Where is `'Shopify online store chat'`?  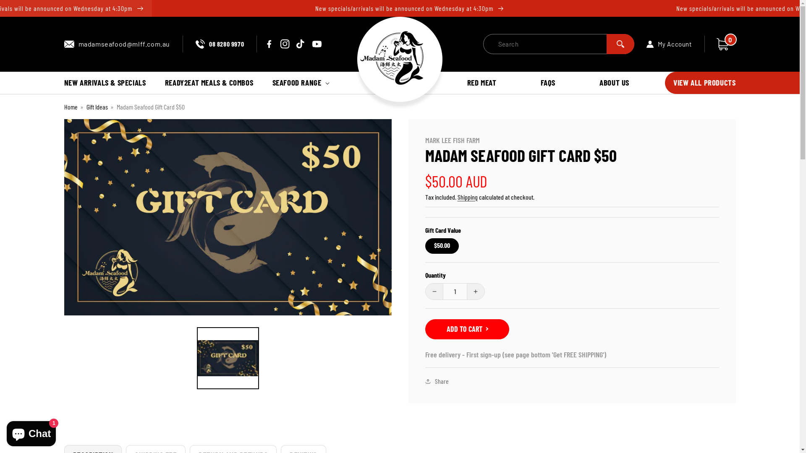 'Shopify online store chat' is located at coordinates (4, 432).